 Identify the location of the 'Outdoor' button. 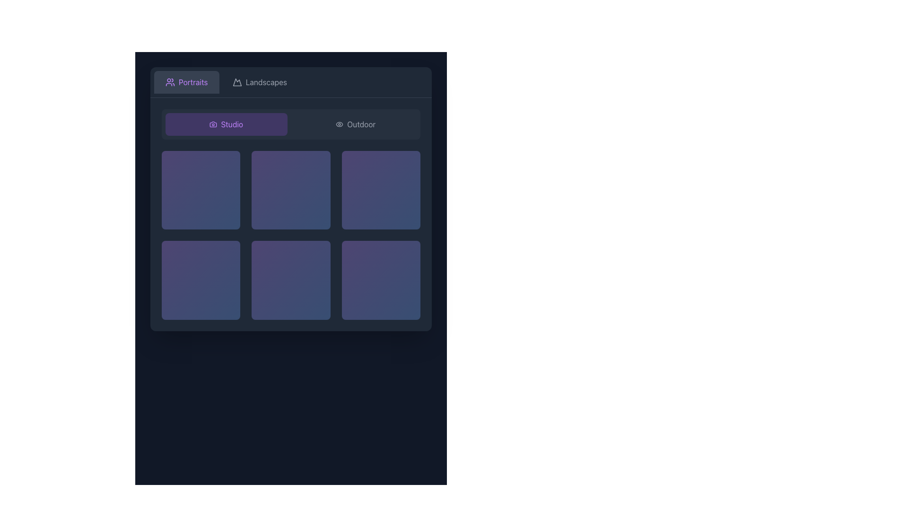
(355, 123).